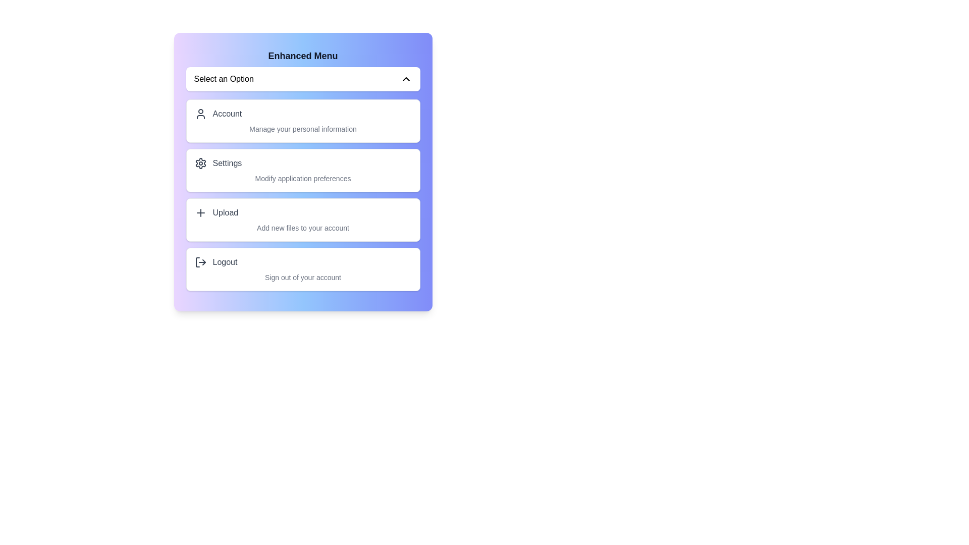 This screenshot has height=545, width=969. What do you see at coordinates (302, 56) in the screenshot?
I see `the 'Enhanced Menu' header to engage with it` at bounding box center [302, 56].